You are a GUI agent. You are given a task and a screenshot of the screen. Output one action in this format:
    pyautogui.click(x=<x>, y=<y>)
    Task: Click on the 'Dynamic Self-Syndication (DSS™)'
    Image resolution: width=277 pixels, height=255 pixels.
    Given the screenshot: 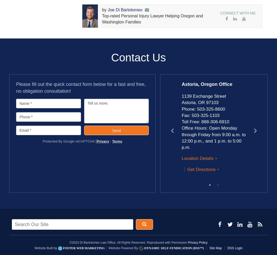 What is the action you would take?
    pyautogui.click(x=143, y=247)
    